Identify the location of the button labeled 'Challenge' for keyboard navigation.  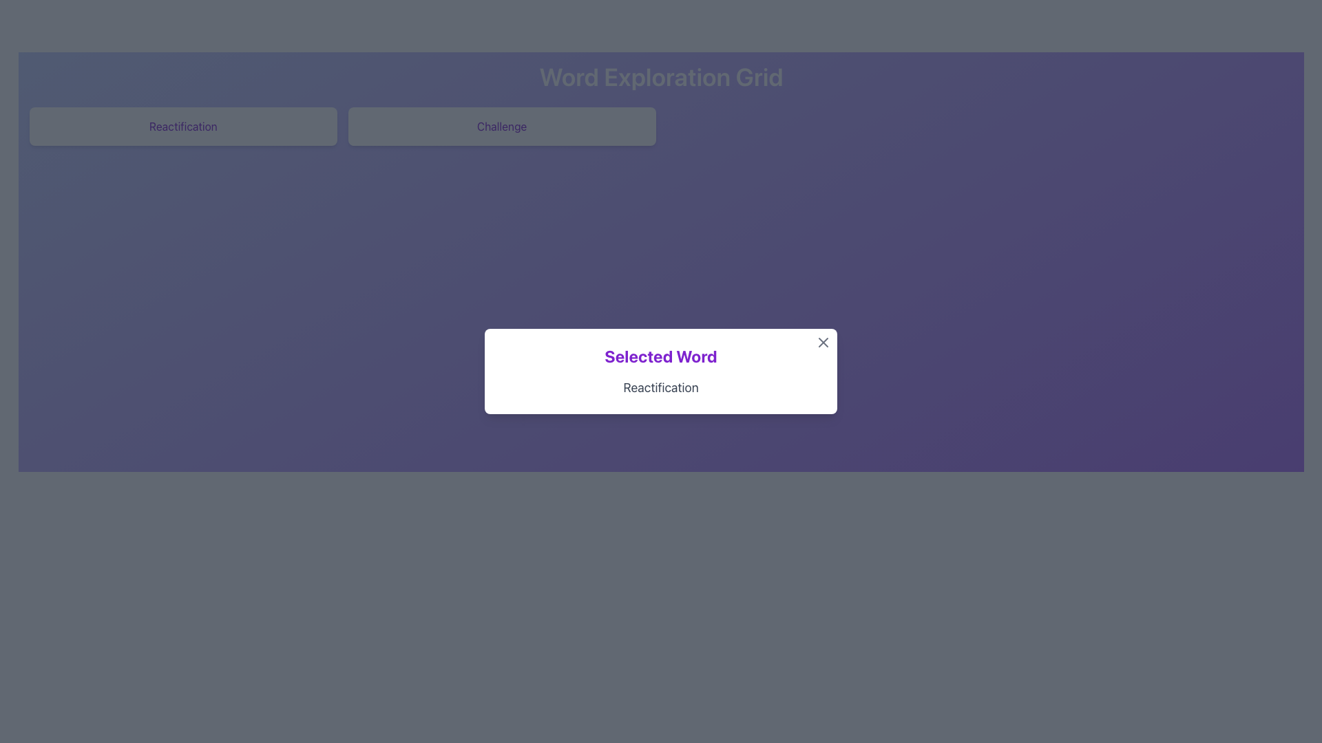
(501, 127).